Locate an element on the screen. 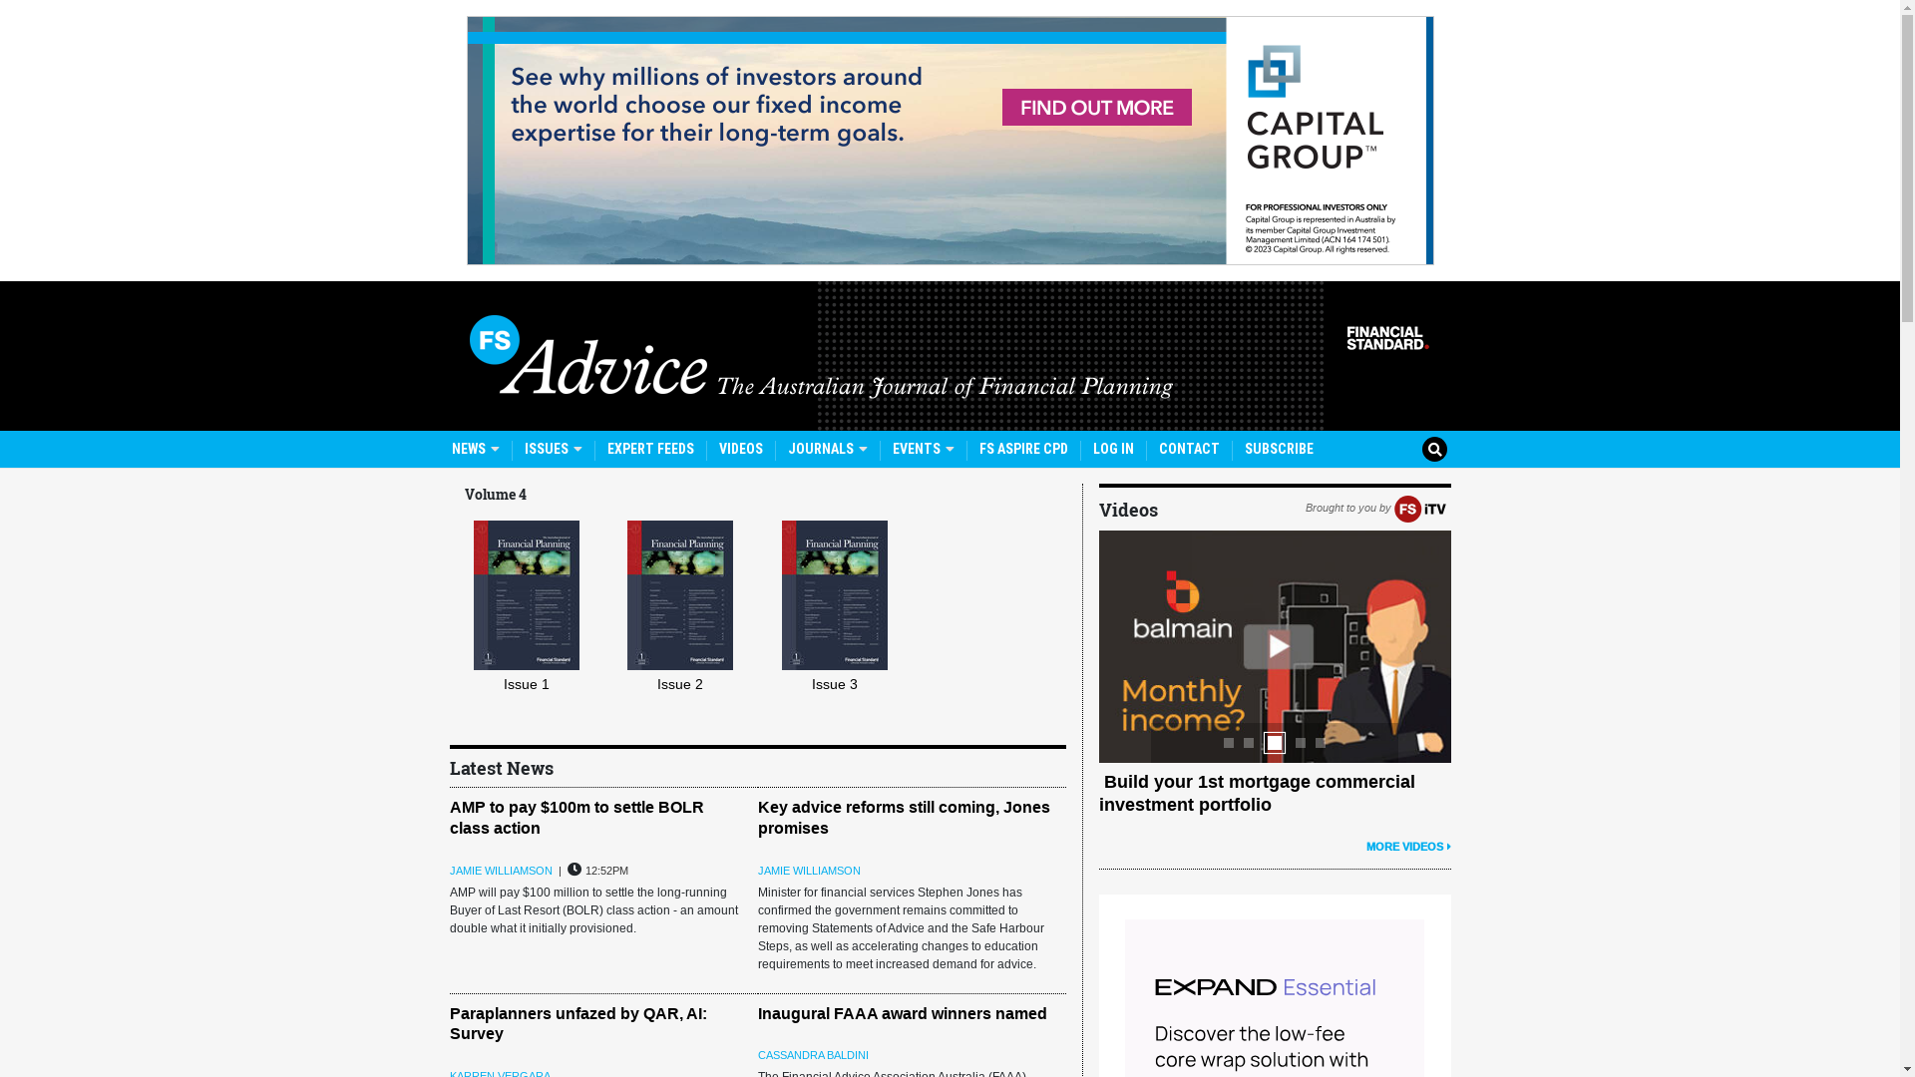 Image resolution: width=1915 pixels, height=1077 pixels. 'Volume 4, Issue 2' is located at coordinates (625, 594).